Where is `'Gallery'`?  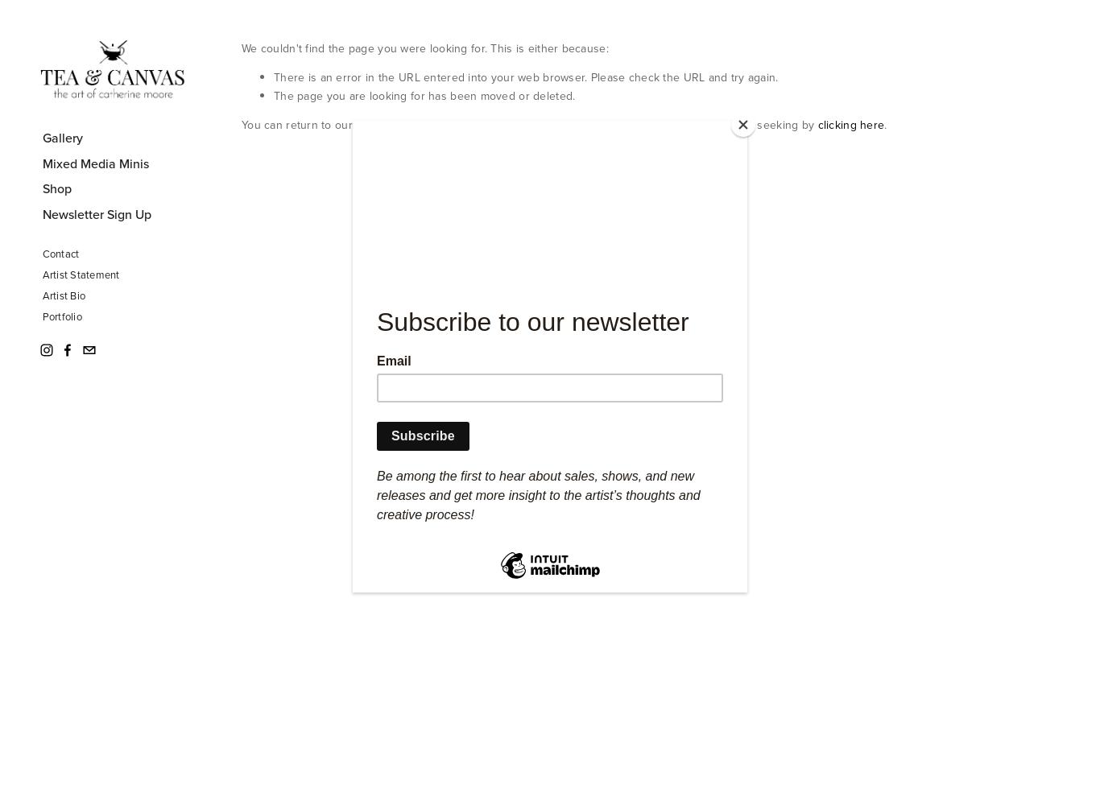
'Gallery' is located at coordinates (62, 137).